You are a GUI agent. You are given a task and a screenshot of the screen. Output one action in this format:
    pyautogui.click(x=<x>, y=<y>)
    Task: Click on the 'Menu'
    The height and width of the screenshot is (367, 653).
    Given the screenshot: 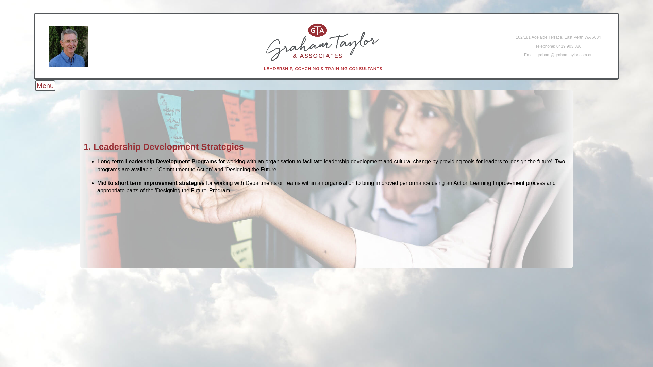 What is the action you would take?
    pyautogui.click(x=34, y=85)
    